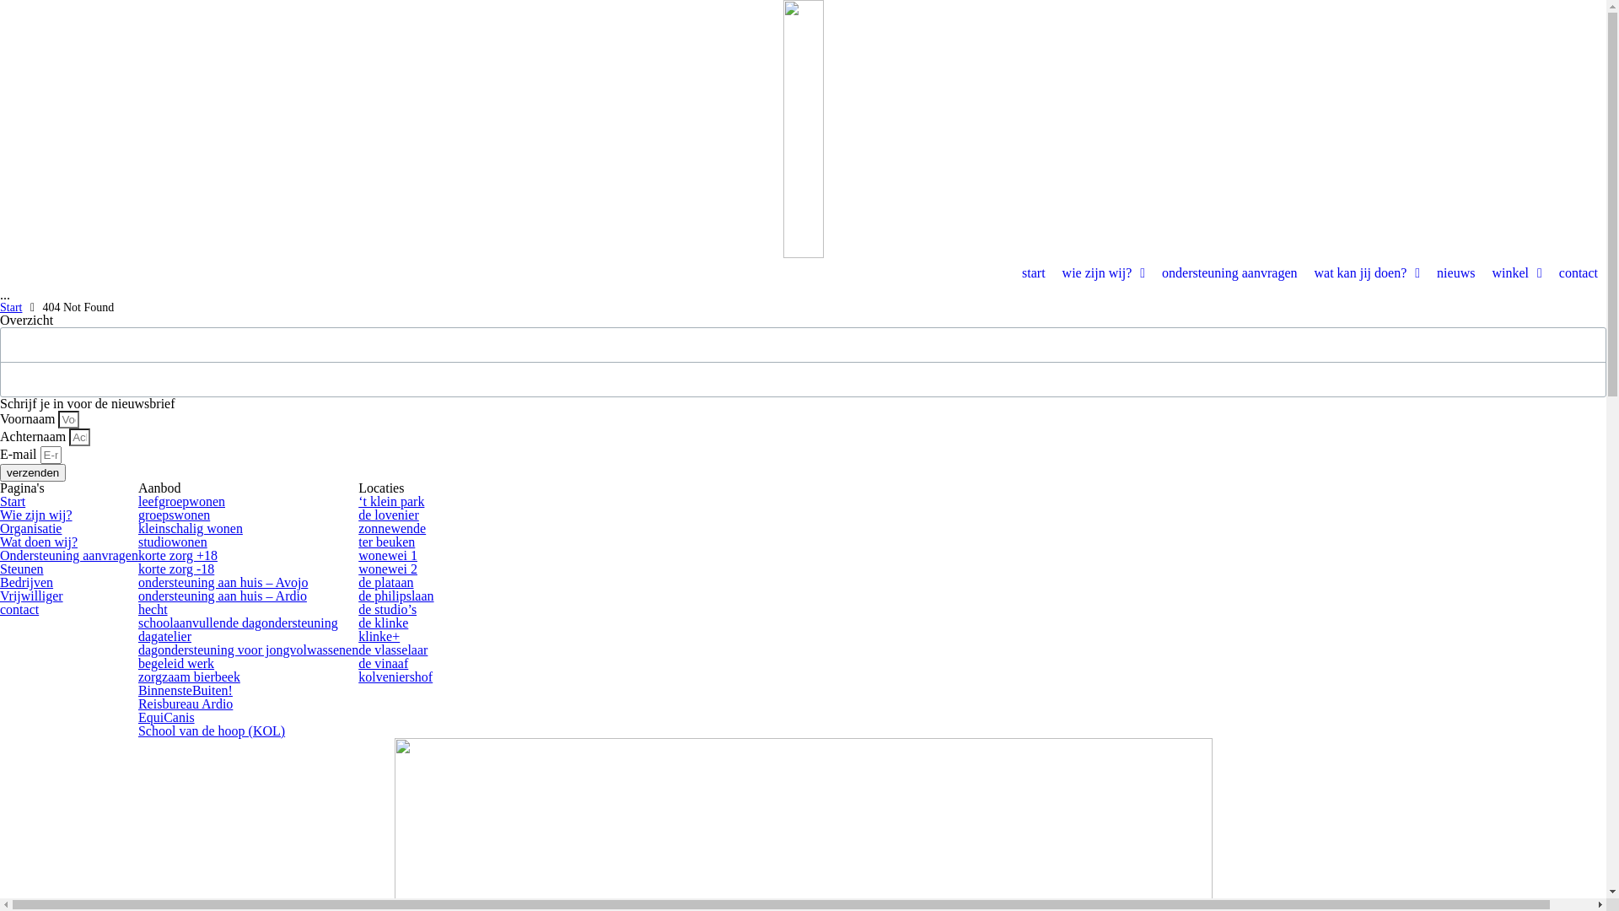  I want to click on 'schoolaanvullende dagondersteuning', so click(237, 623).